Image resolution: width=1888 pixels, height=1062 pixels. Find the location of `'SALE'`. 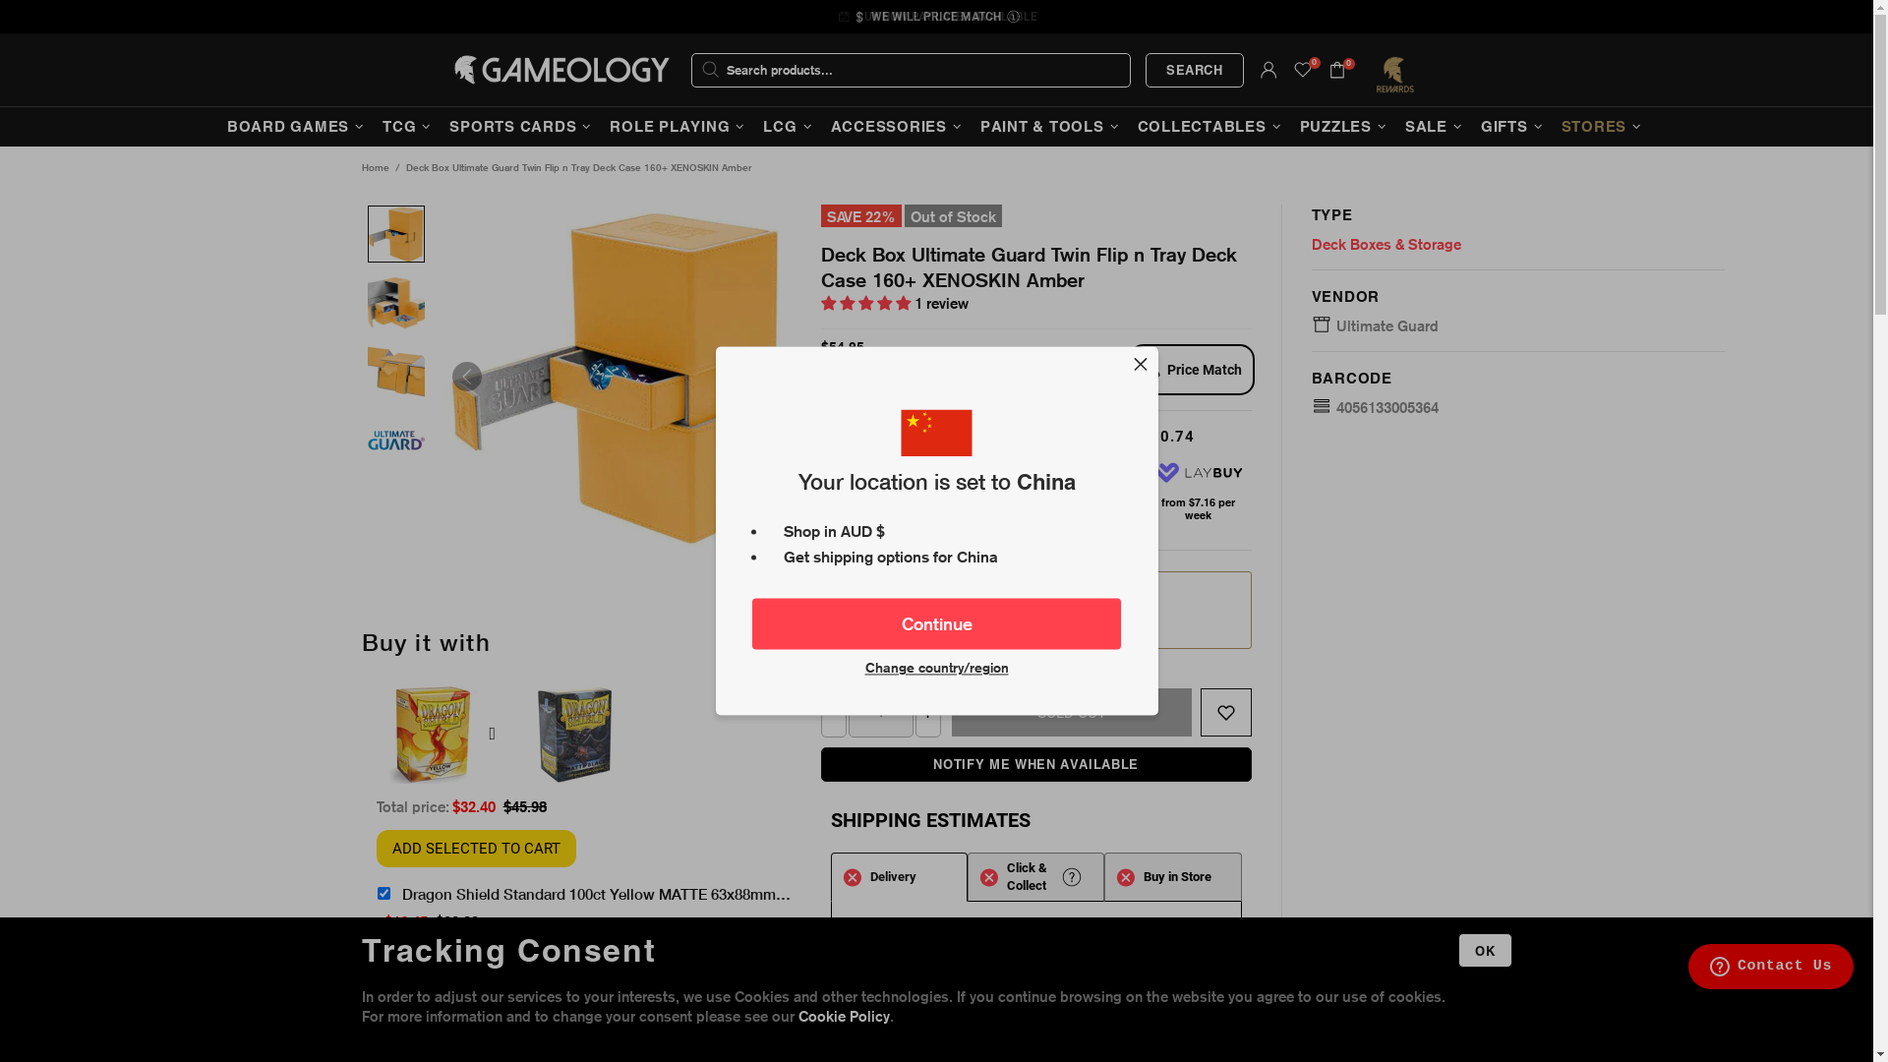

'SALE' is located at coordinates (1396, 126).